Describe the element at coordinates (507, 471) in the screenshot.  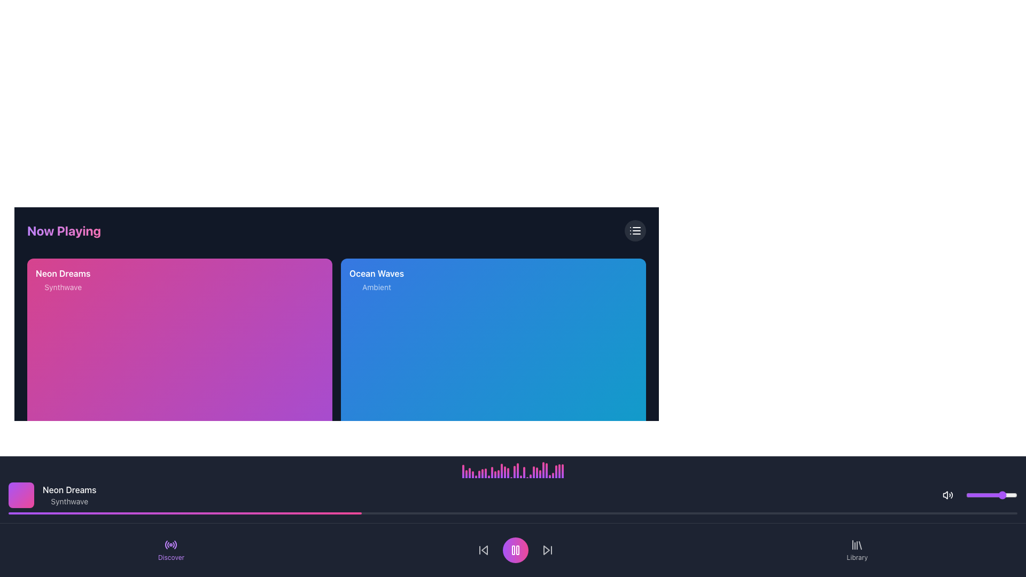
I see `the 15th vertical bar in the equalizer visualization, which has a gradient color scheme from purple at the top to pink at the bottom` at that location.